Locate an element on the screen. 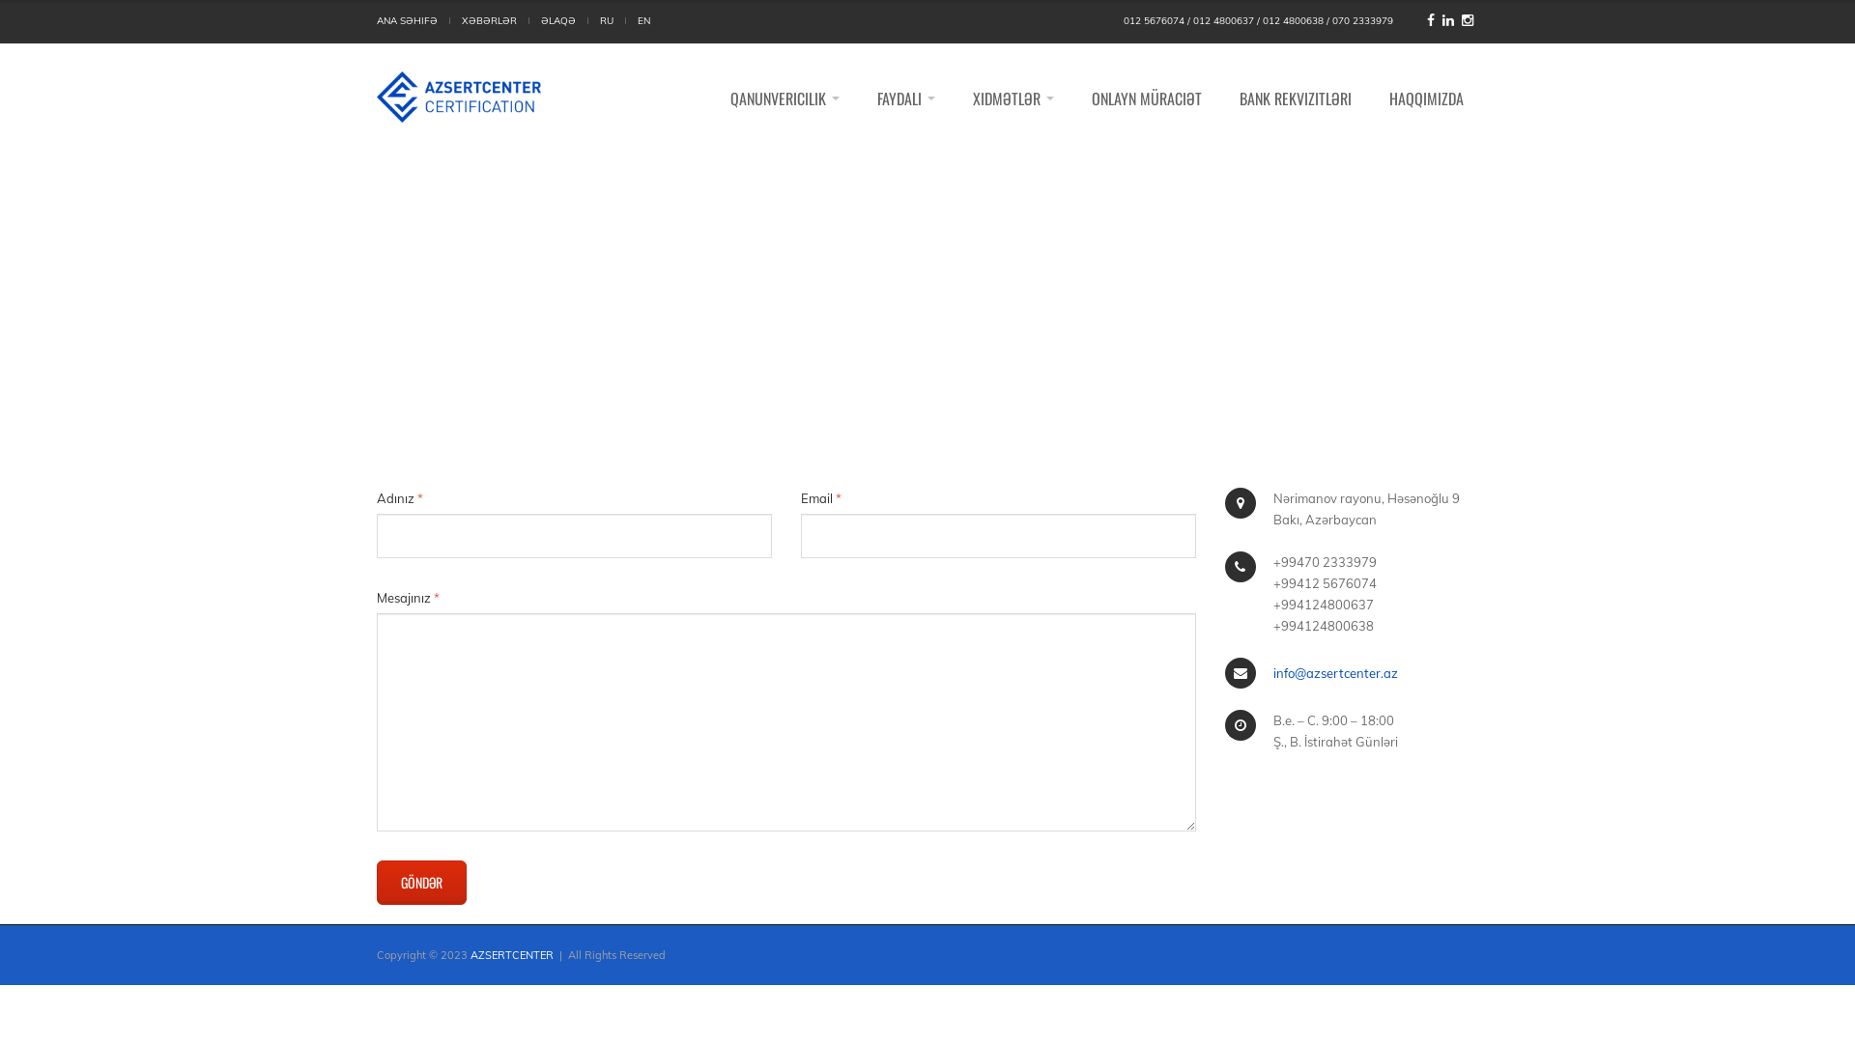  'info@azsertcenter.az' is located at coordinates (1334, 672).